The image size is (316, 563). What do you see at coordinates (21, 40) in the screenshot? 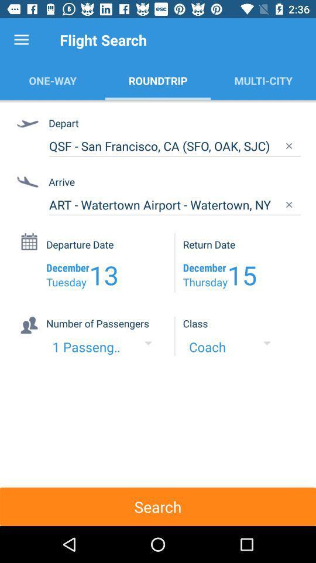
I see `icon next to flight search item` at bounding box center [21, 40].